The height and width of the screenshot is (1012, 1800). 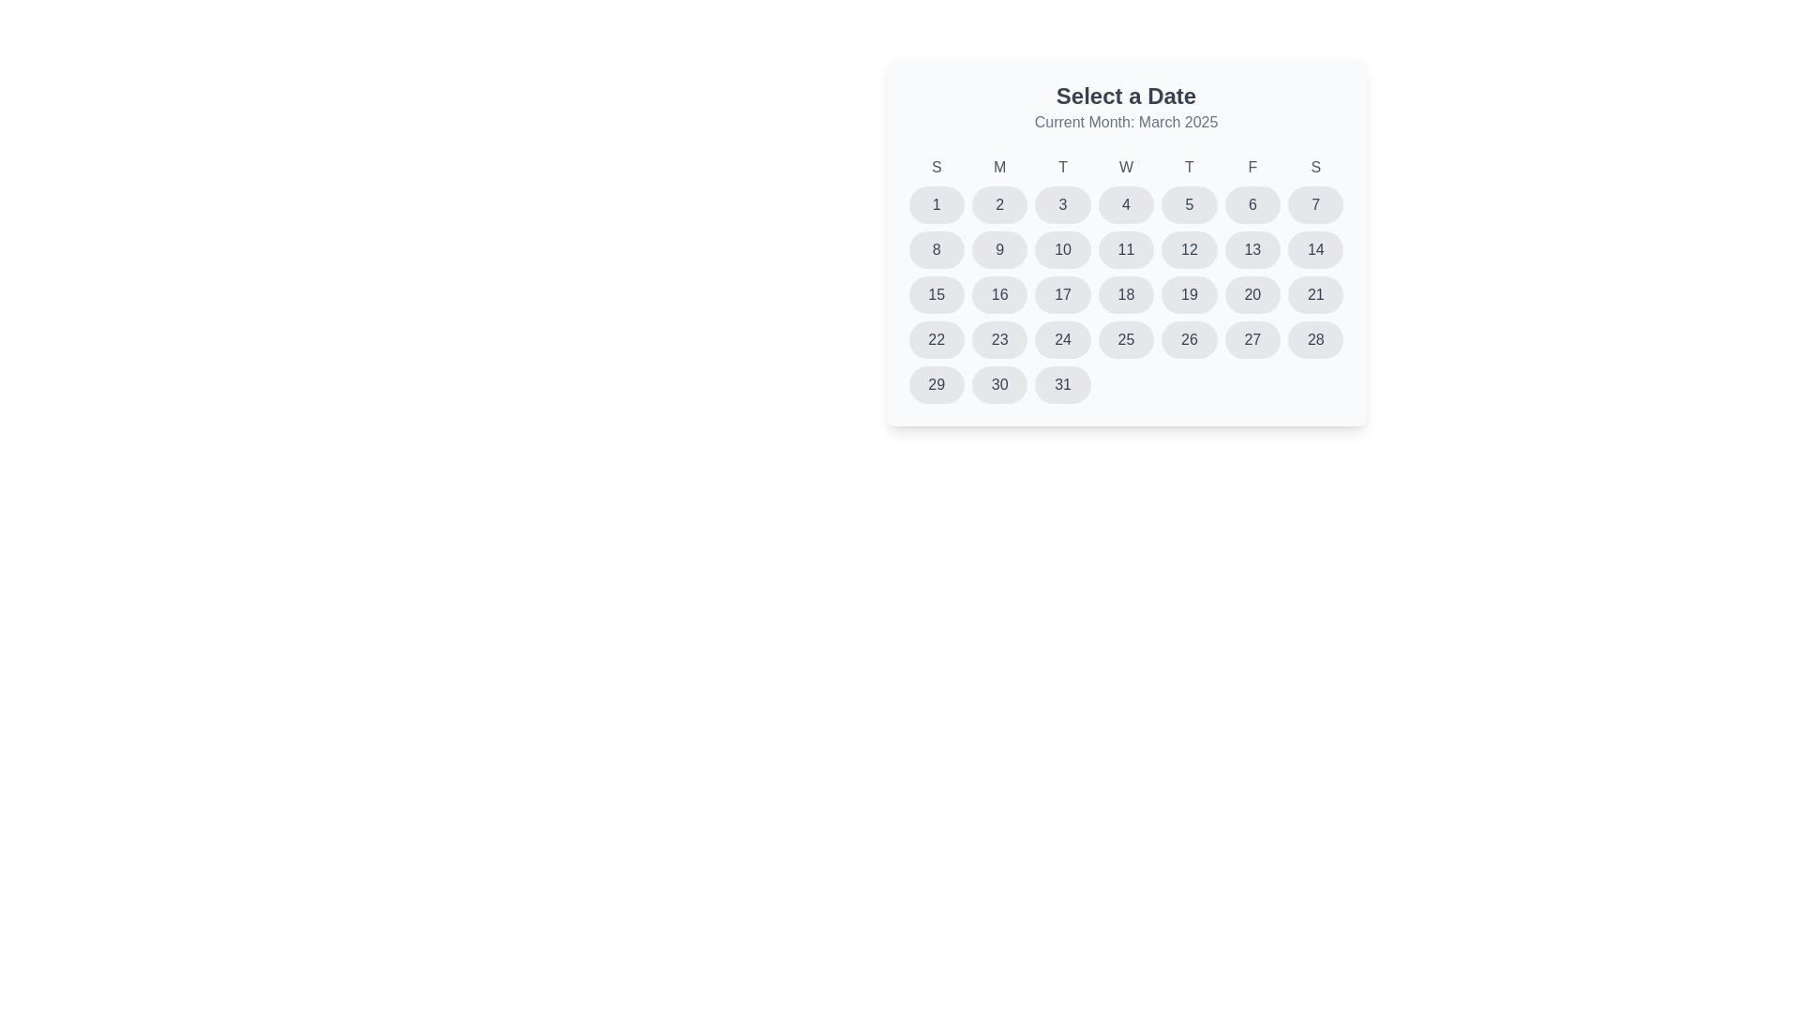 I want to click on the circular button labeled '4' with a light gray background located in the first row of the date grid below the weekday labels, so click(x=1125, y=205).